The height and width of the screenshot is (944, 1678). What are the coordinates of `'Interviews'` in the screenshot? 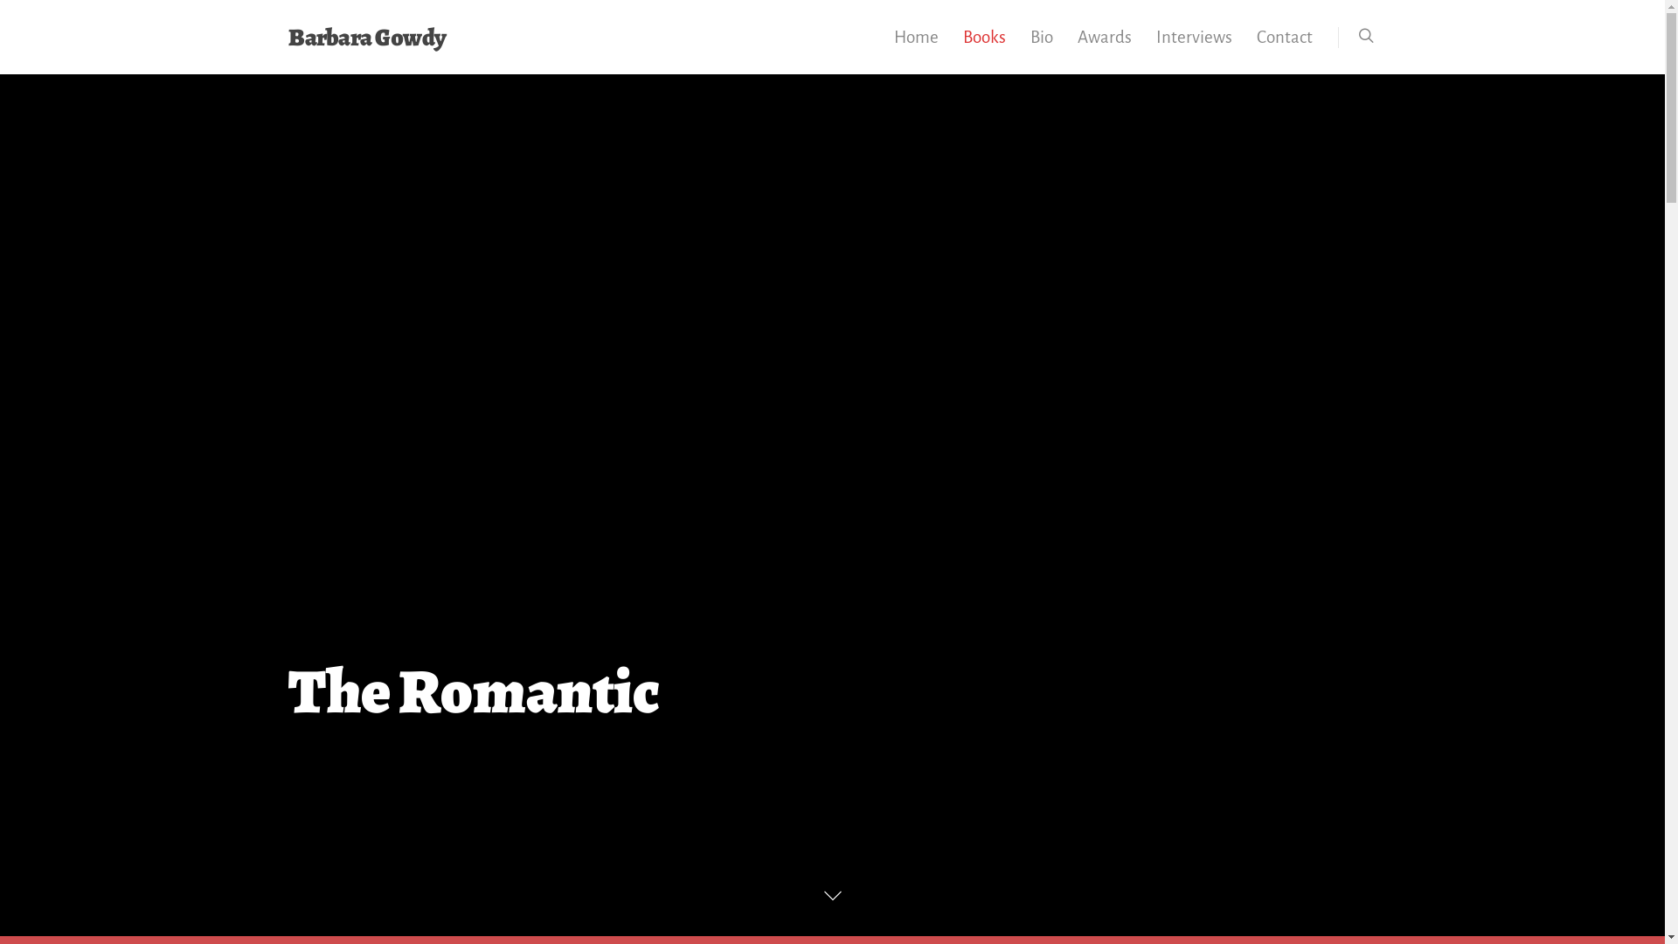 It's located at (1145, 48).